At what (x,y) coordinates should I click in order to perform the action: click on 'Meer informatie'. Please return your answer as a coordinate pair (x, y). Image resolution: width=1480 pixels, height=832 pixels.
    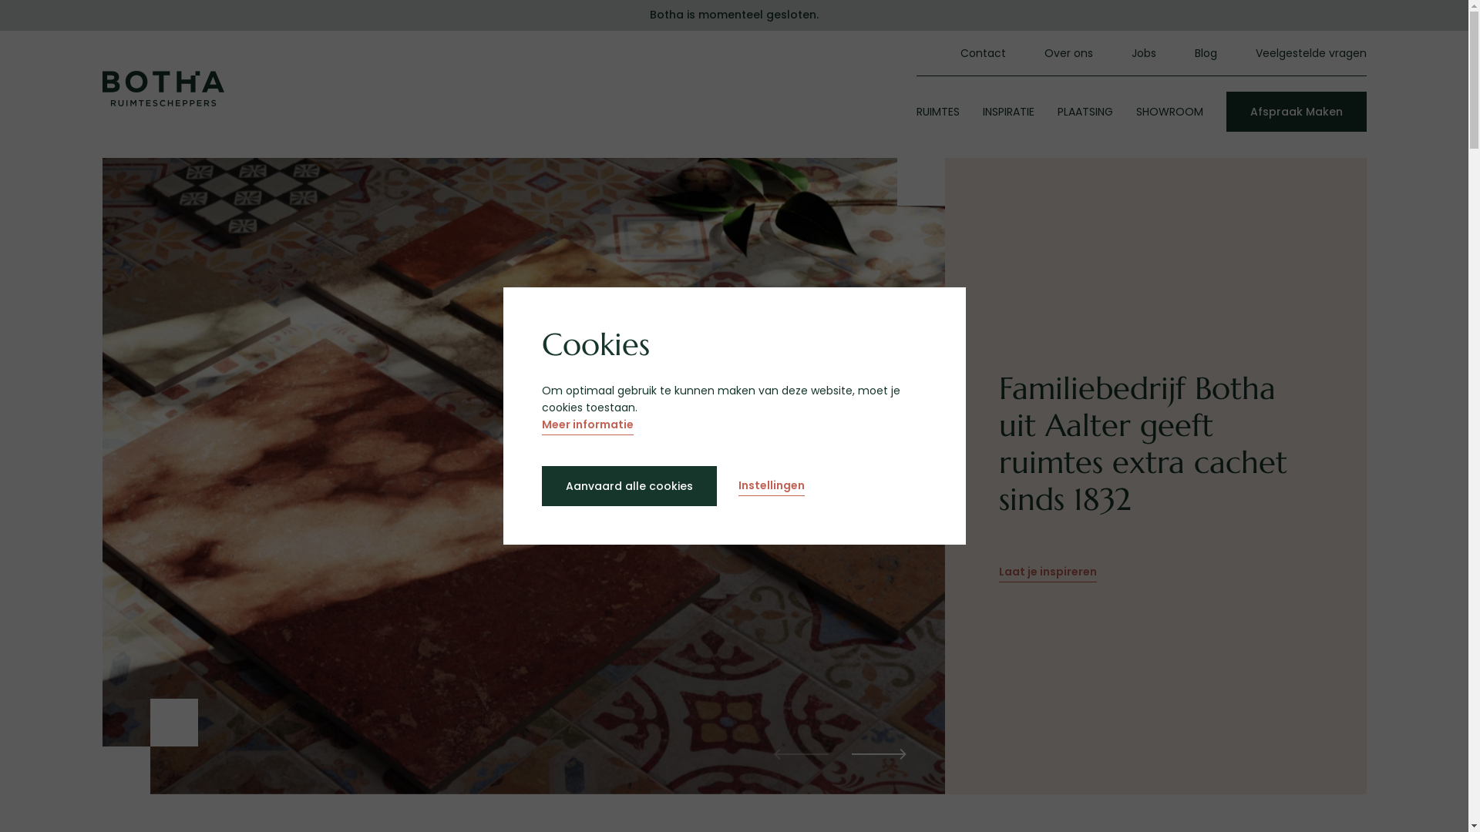
    Looking at the image, I should click on (586, 425).